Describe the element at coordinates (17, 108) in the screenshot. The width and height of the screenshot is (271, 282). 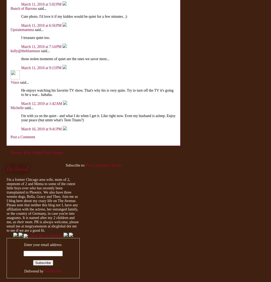
I see `'Michelle'` at that location.